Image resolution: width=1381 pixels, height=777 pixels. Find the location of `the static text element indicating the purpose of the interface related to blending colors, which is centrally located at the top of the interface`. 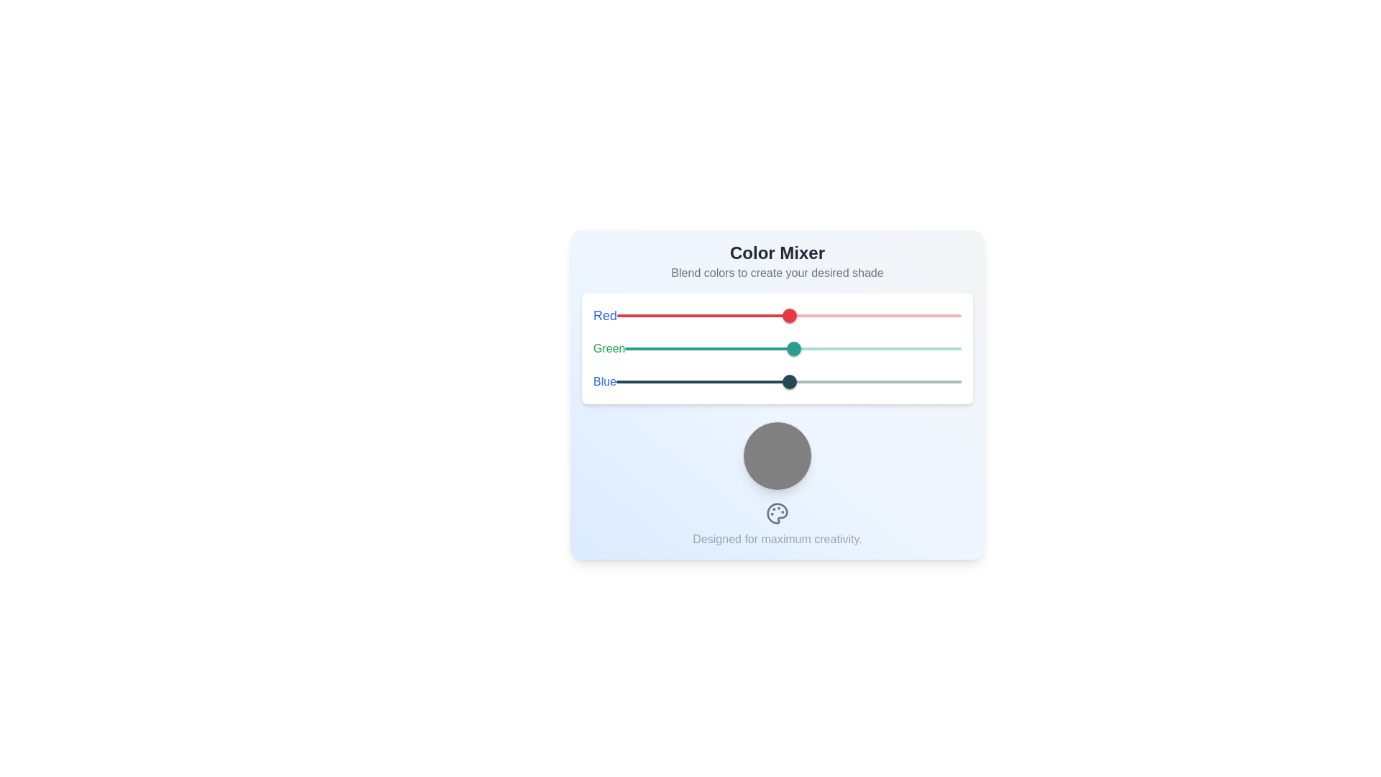

the static text element indicating the purpose of the interface related to blending colors, which is centrally located at the top of the interface is located at coordinates (776, 252).